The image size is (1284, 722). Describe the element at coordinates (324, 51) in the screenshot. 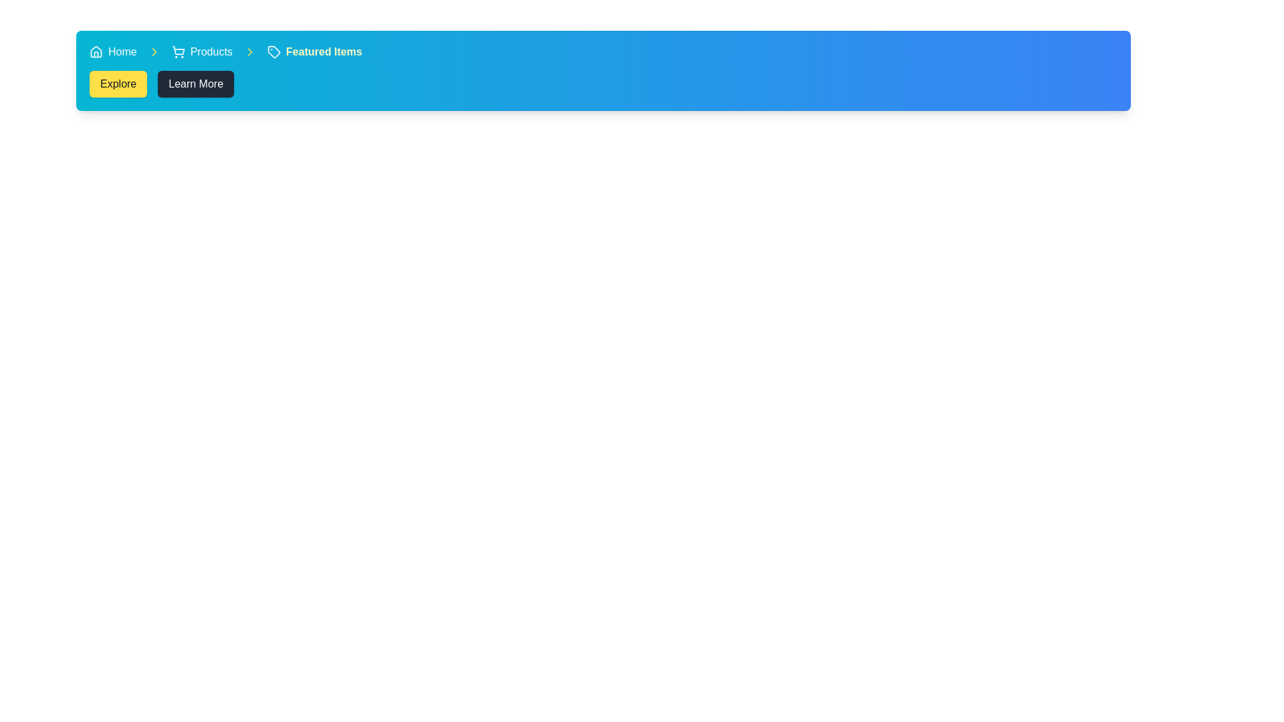

I see `the 'Featured Items' text label located on the top navigation bar, which provides context for the current section the user is viewing` at that location.